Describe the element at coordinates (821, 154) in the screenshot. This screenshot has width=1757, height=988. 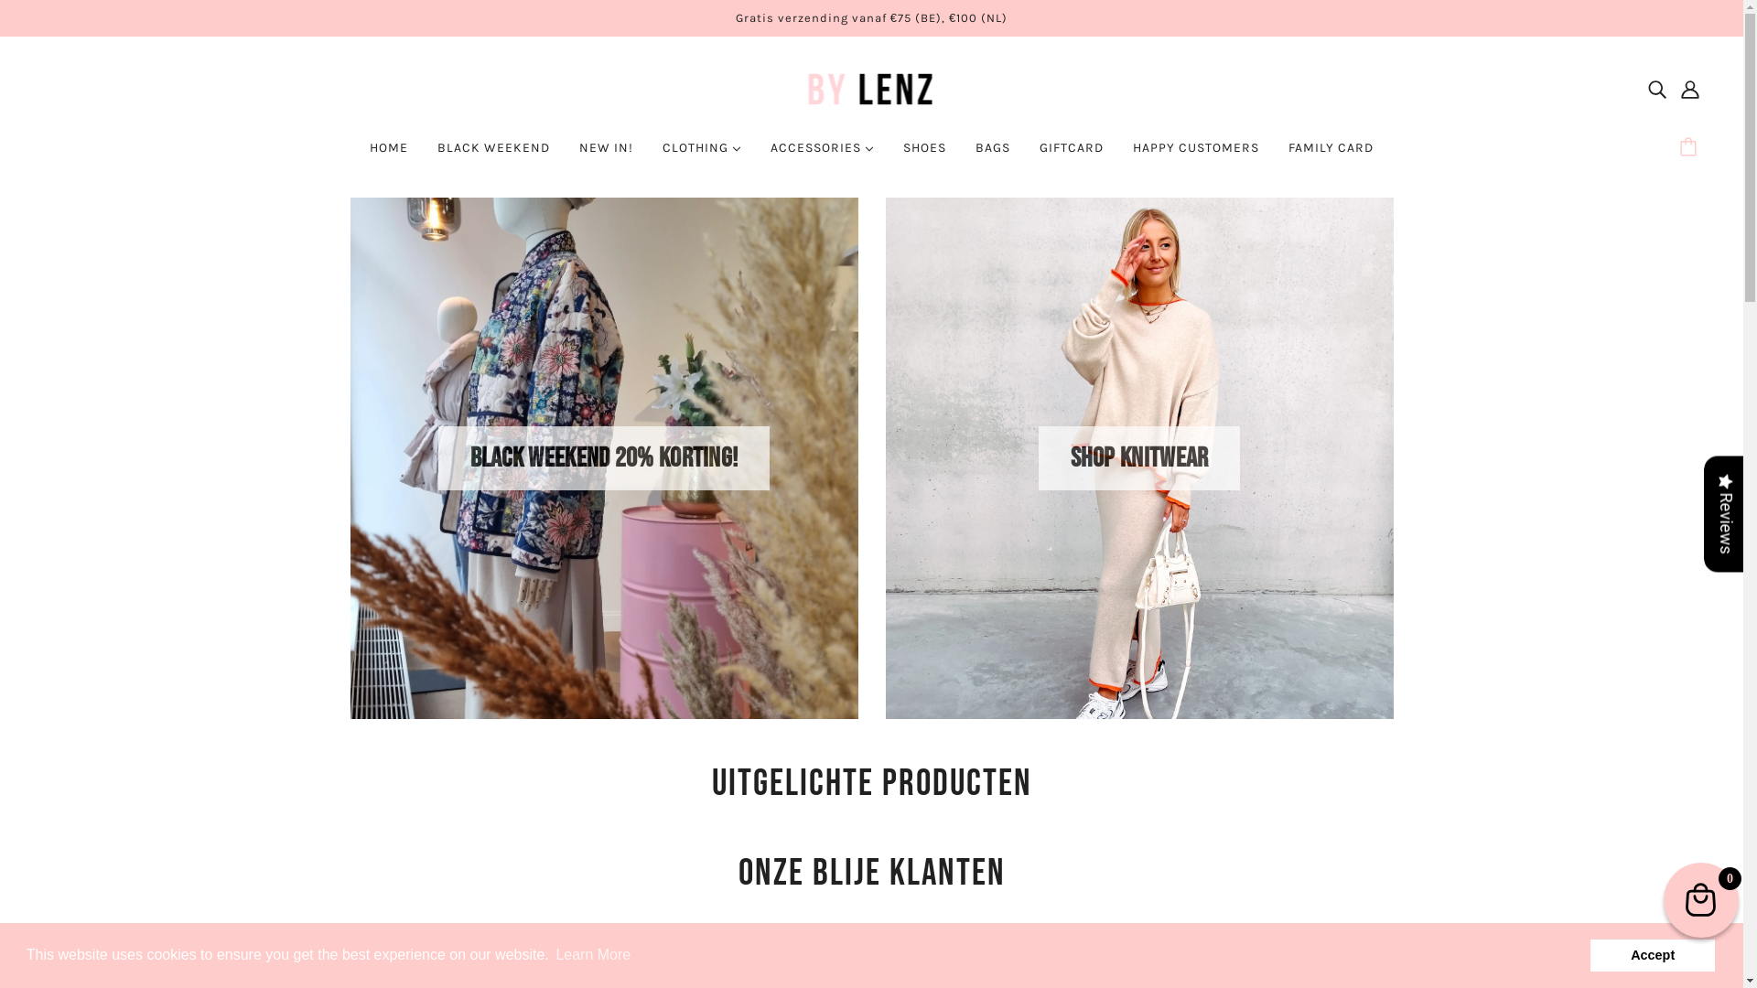
I see `'ACCESSORIES'` at that location.